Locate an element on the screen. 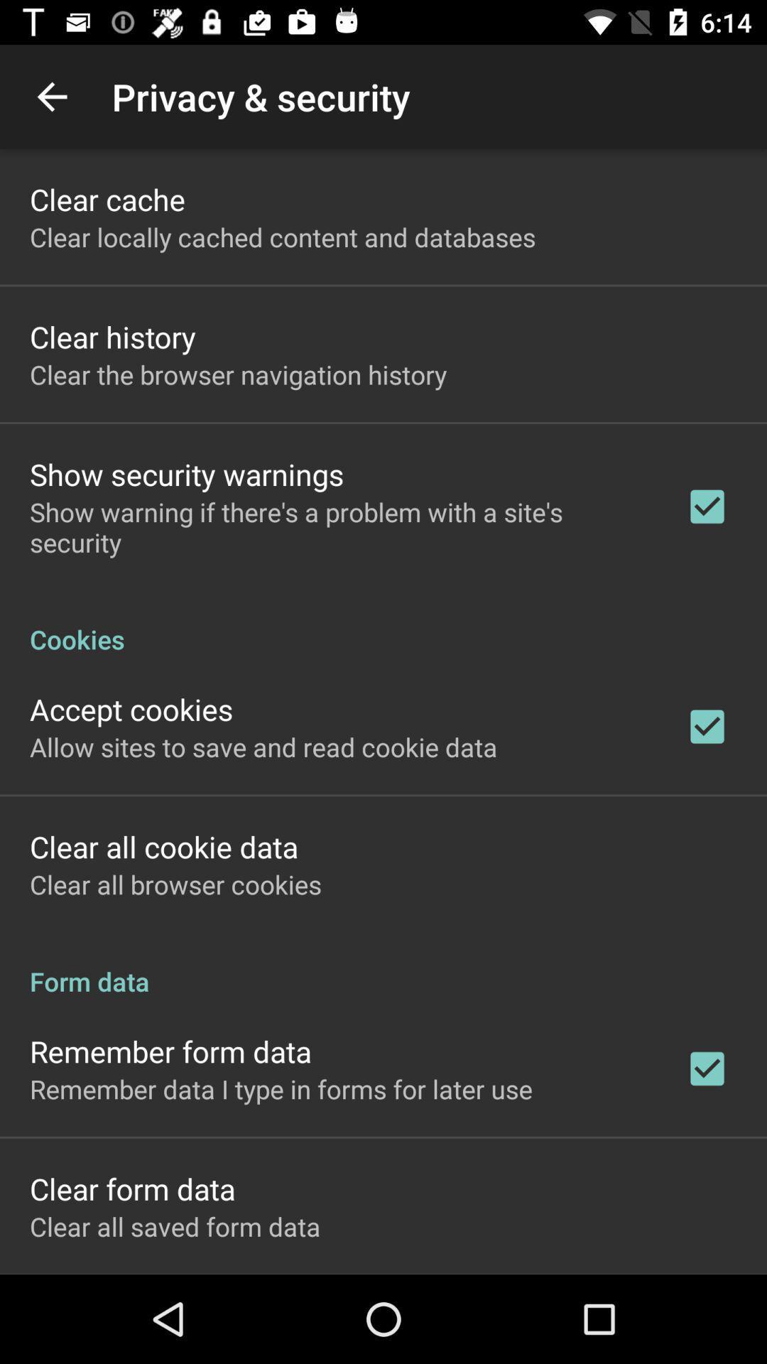 This screenshot has height=1364, width=767. the icon below cookies is located at coordinates (131, 709).